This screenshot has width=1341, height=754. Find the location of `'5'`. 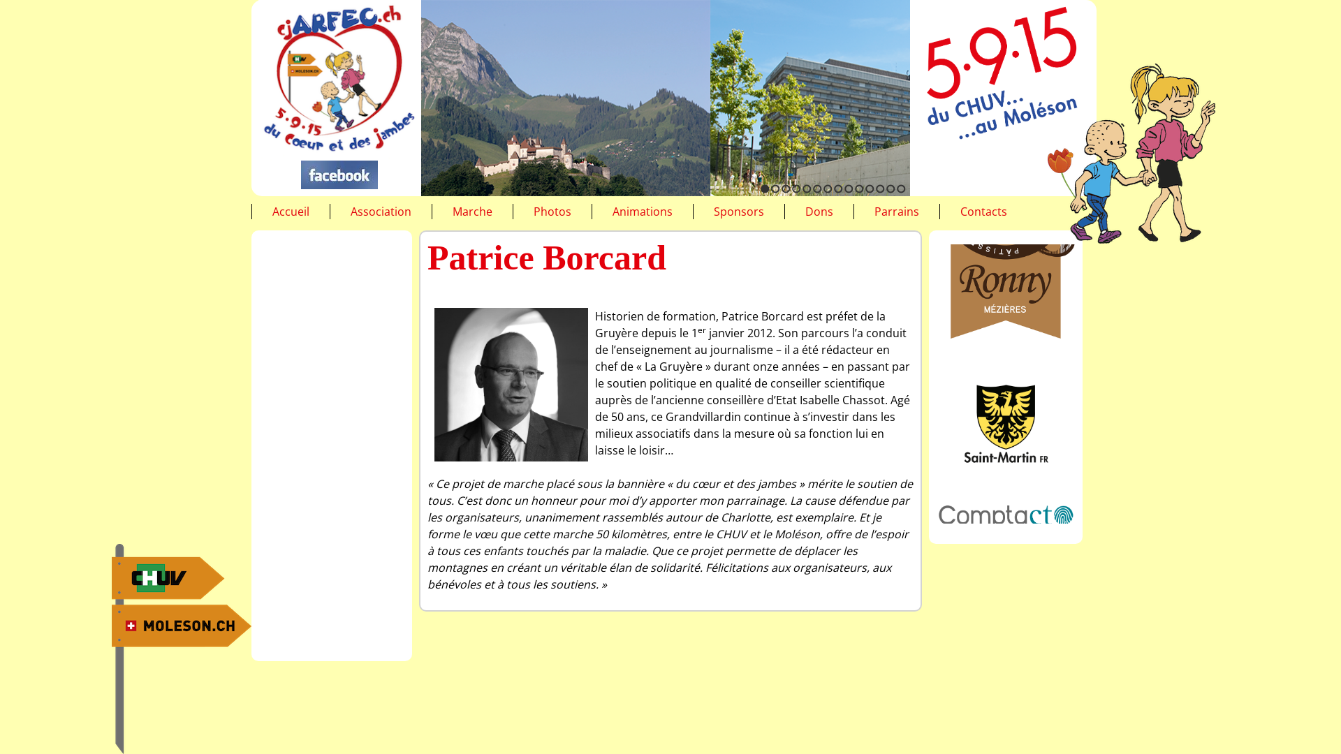

'5' is located at coordinates (807, 188).